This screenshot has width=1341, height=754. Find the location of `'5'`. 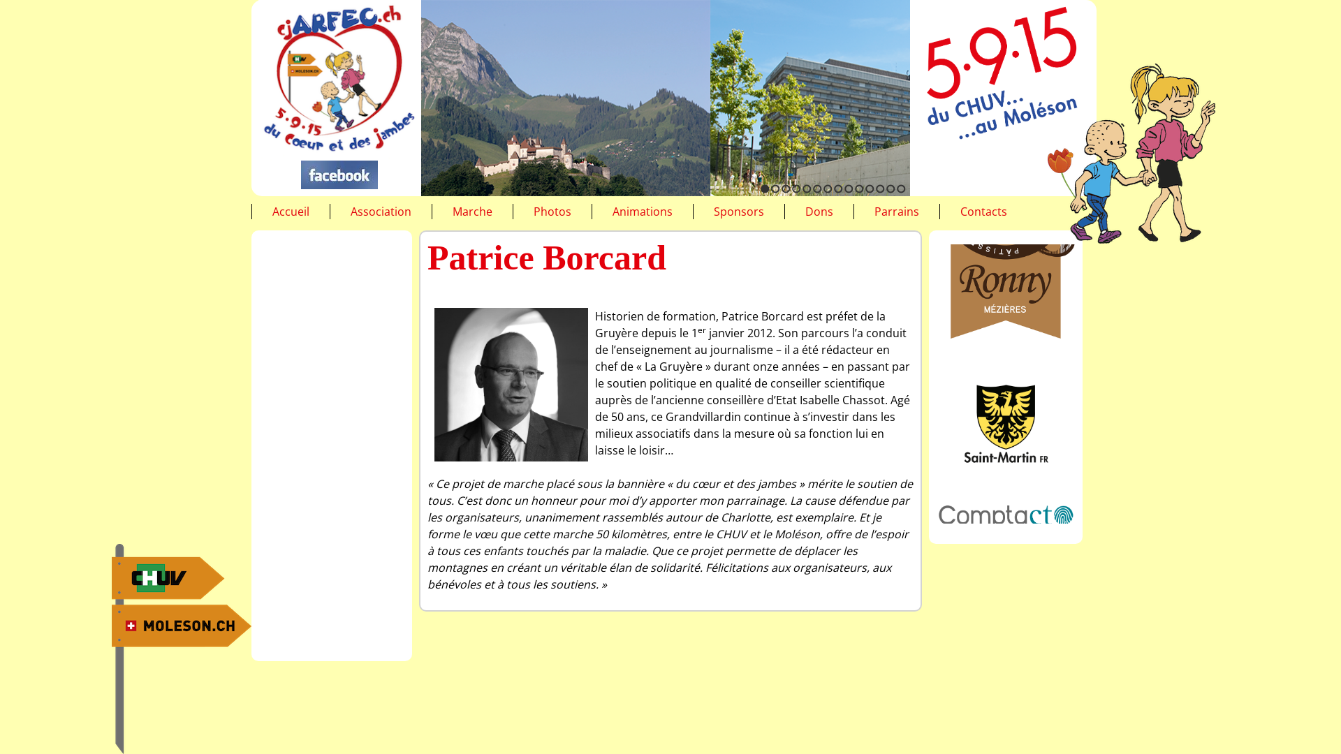

'5' is located at coordinates (807, 188).